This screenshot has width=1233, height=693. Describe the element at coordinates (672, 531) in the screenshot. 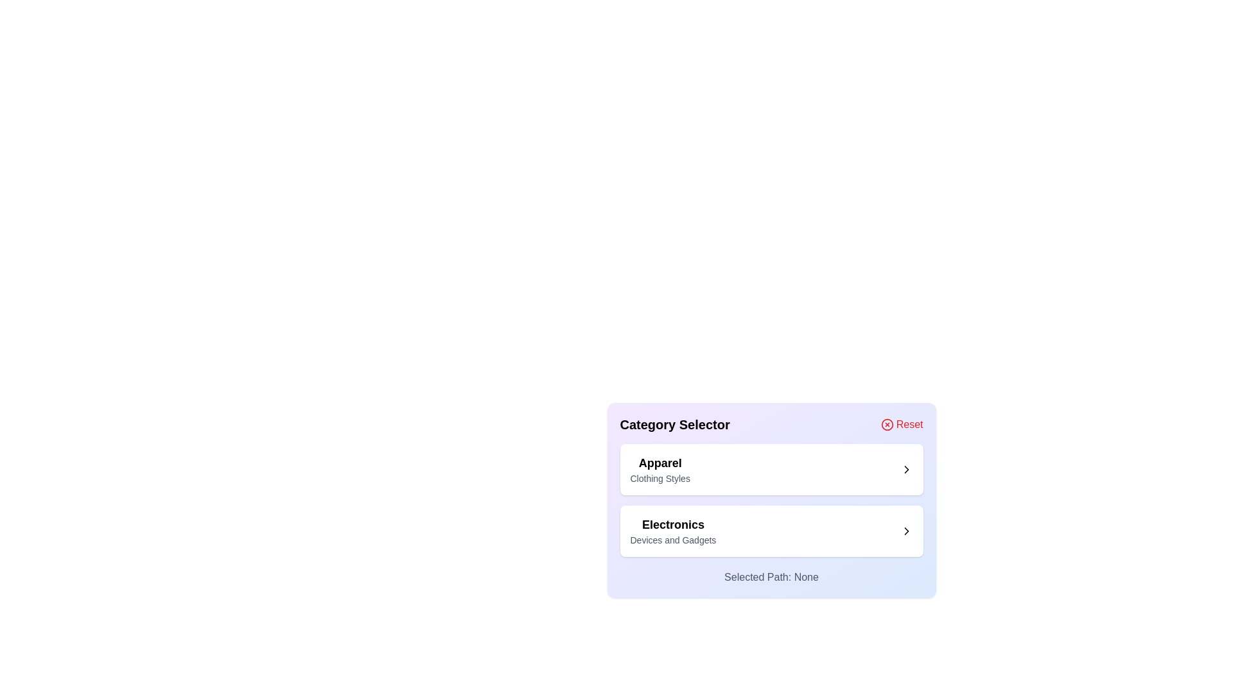

I see `the 'Electronics' label in the category selector interface` at that location.